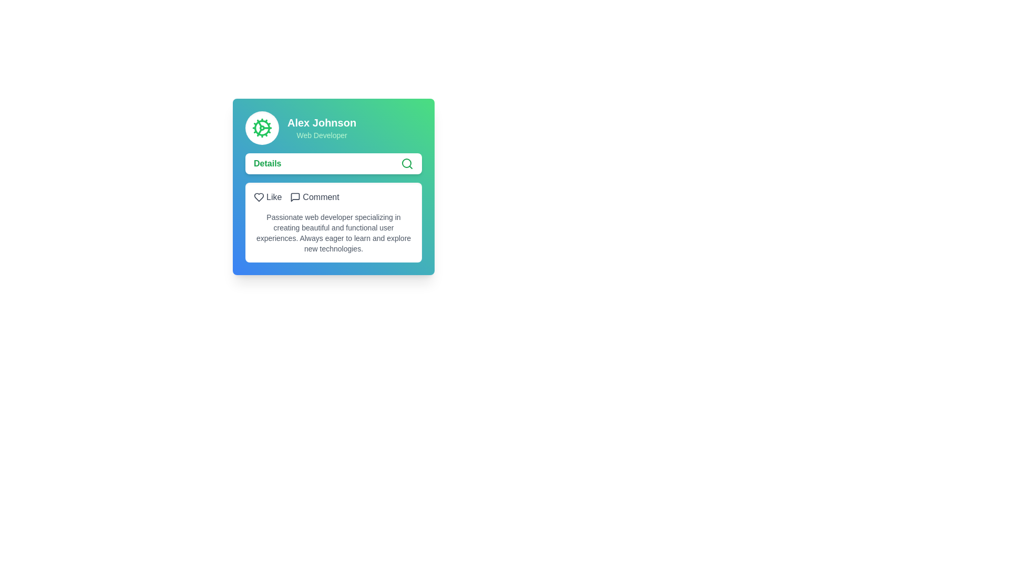 This screenshot has height=567, width=1009. Describe the element at coordinates (333, 127) in the screenshot. I see `the Profile Header Display featuring the circular icon with a green gear-like symbol and the text 'Alex Johnson'` at that location.